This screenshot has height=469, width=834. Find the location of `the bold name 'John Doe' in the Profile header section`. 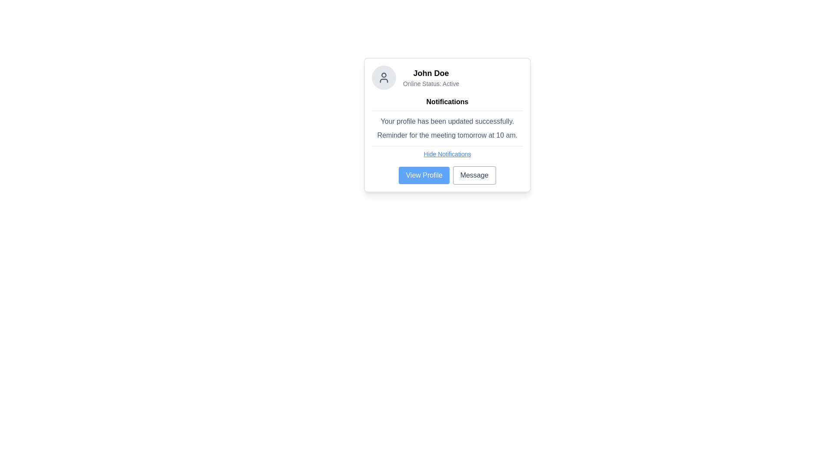

the bold name 'John Doe' in the Profile header section is located at coordinates (447, 77).